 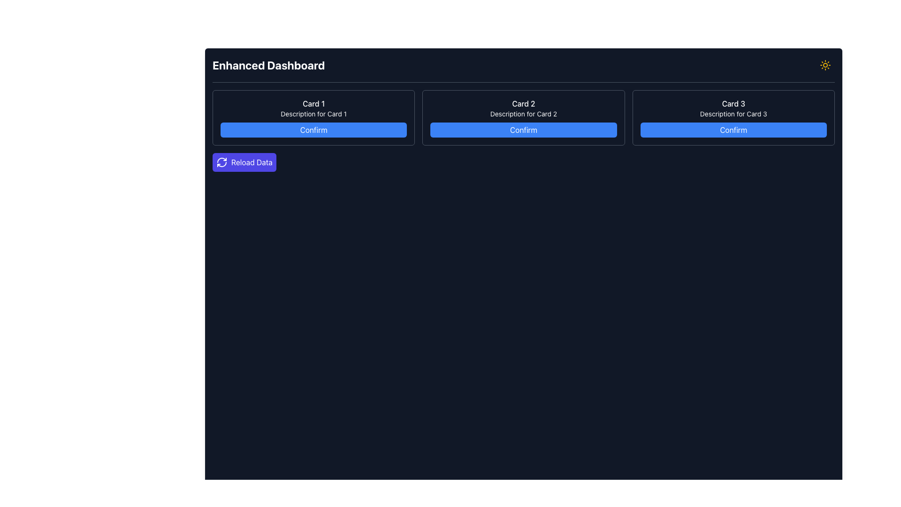 I want to click on the static text label reading 'Card 2', which is bold and centered in the second card of a horizontal series, located above the description and confirmation button, so click(x=523, y=103).